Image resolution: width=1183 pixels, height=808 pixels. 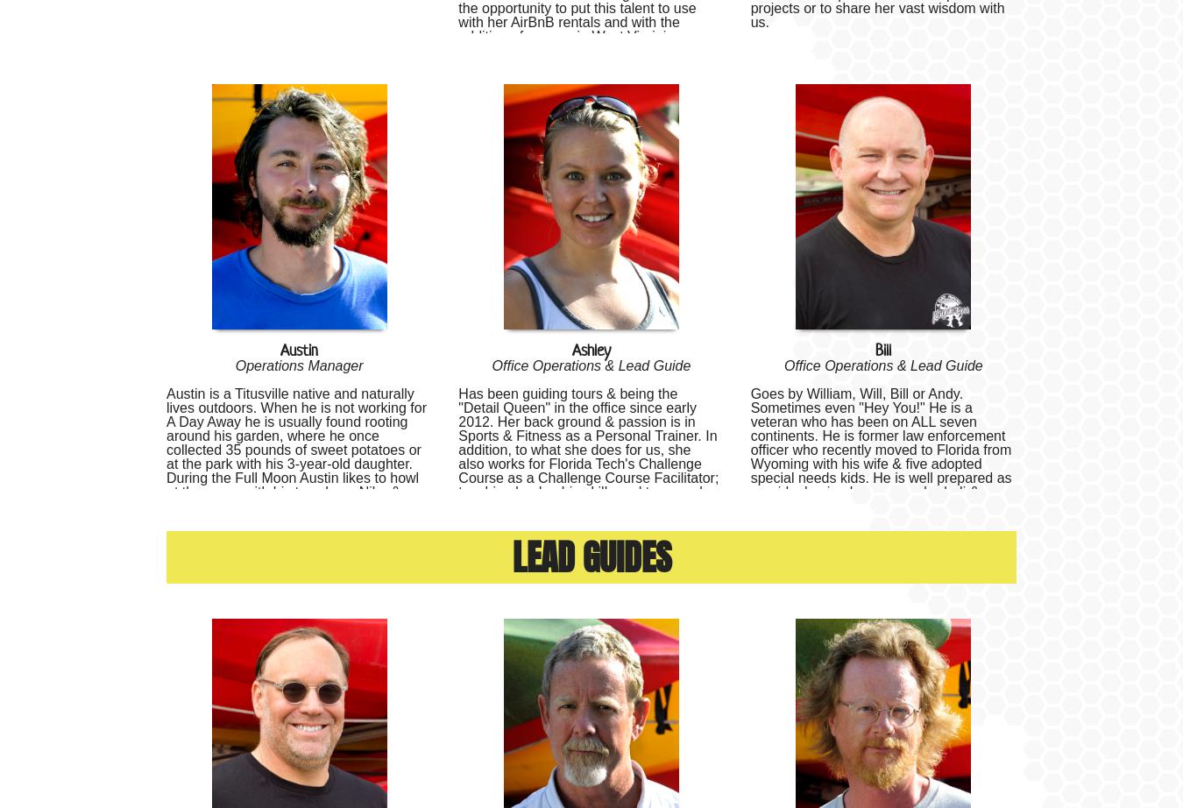 What do you see at coordinates (457, 428) in the screenshot?
I see `'Has been guiding tours & being the "Detail Queen" in the office since early 2012. Her back ground & passion is in Sports & Fitness as a Personal Trainer. In addition, to what she does for us, she also works for'` at bounding box center [457, 428].